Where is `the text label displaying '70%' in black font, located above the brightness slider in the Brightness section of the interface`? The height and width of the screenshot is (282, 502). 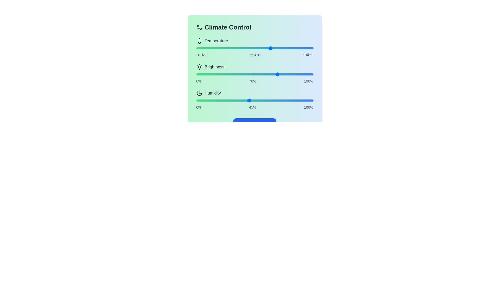 the text label displaying '70%' in black font, located above the brightness slider in the Brightness section of the interface is located at coordinates (253, 81).